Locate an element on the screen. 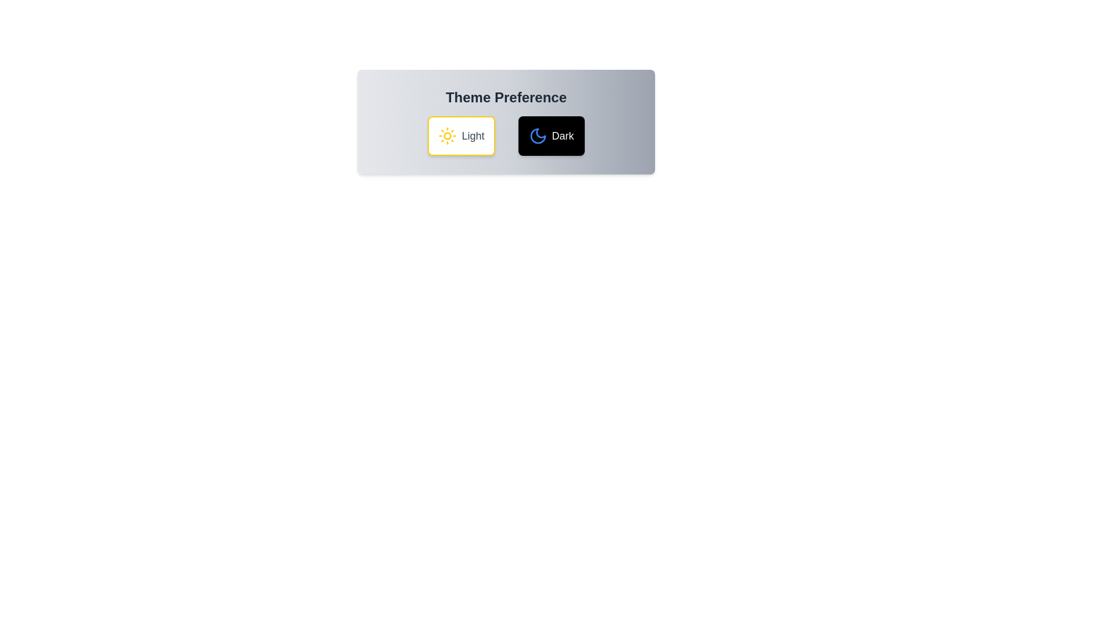  the 'Light' button to set the theme to 'Light' is located at coordinates (460, 135).